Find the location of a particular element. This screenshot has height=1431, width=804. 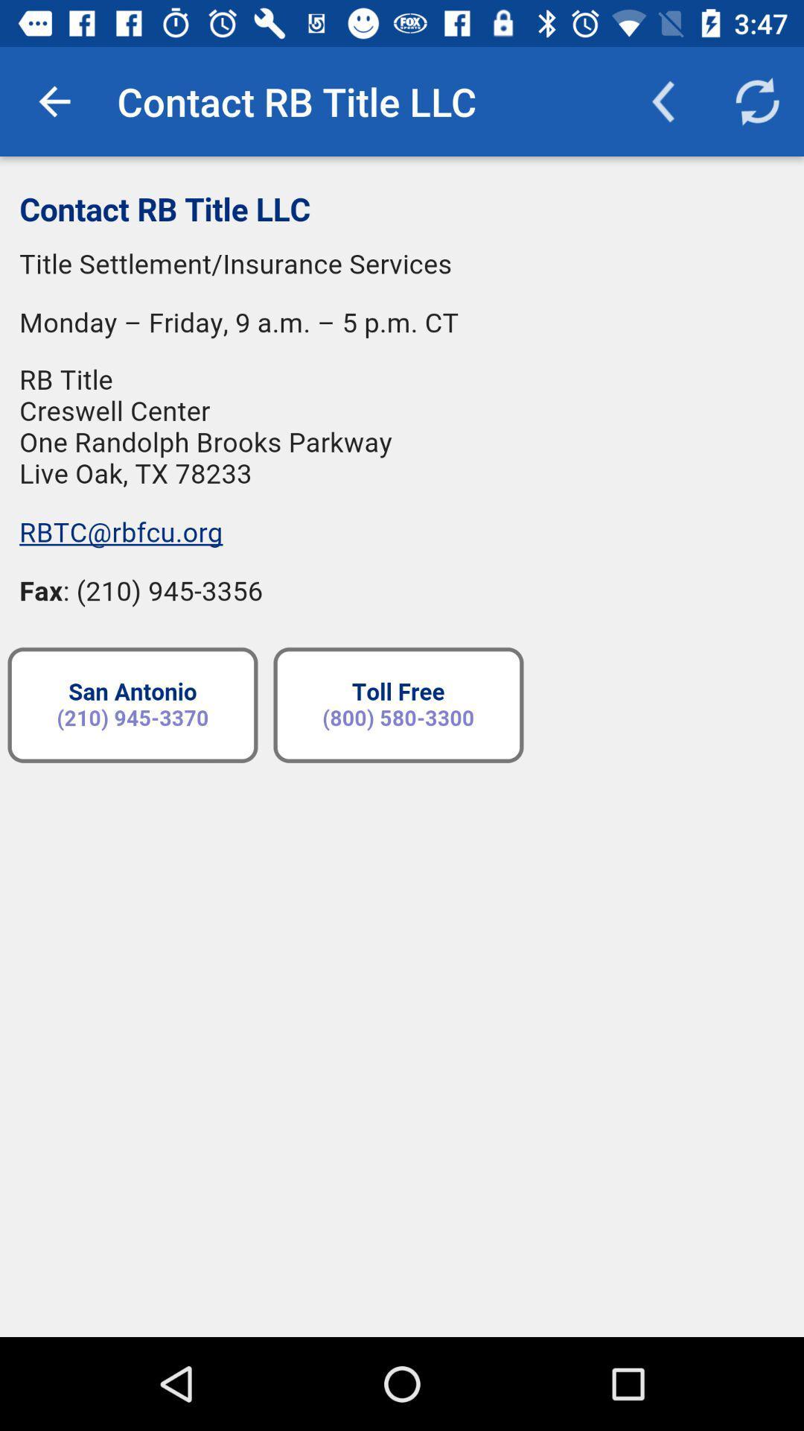

contact is located at coordinates (402, 747).